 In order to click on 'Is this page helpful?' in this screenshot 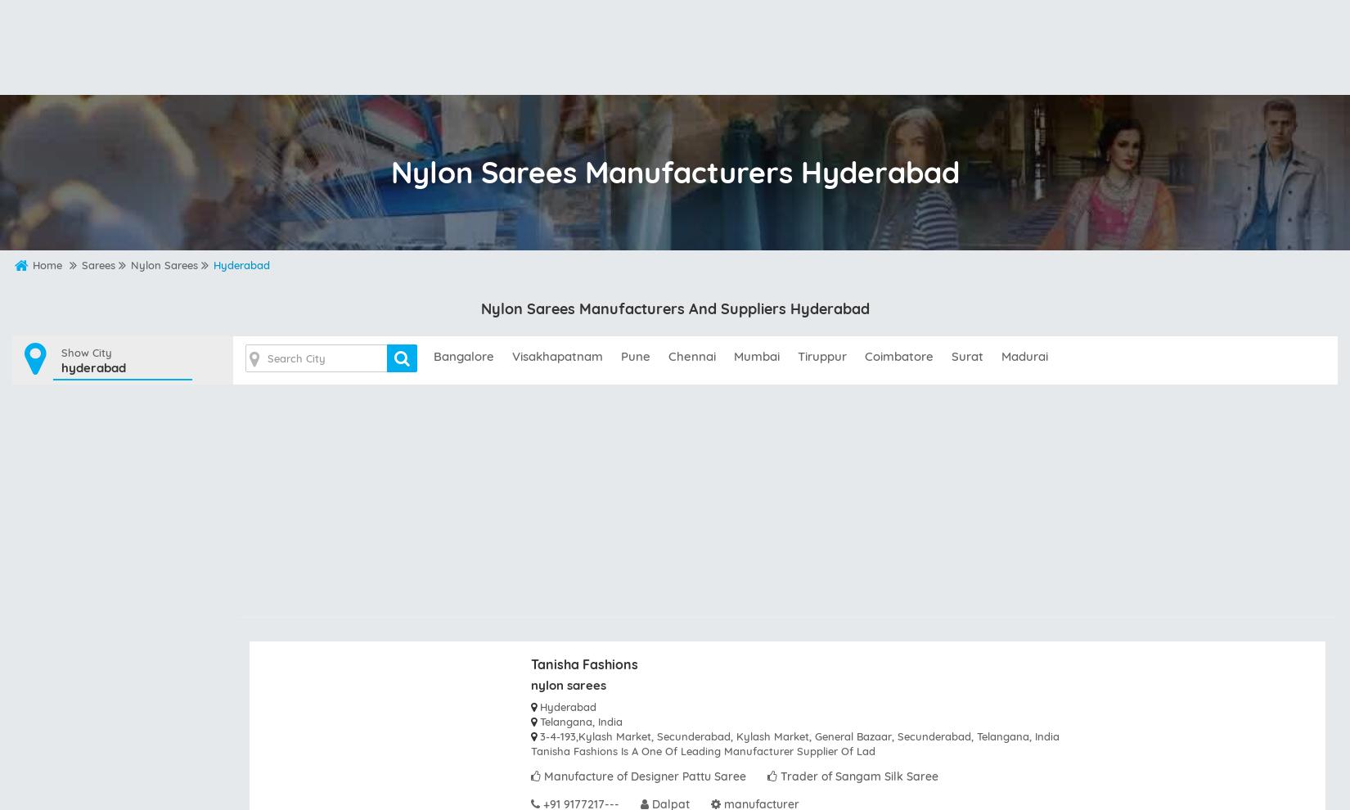, I will do `click(744, 648)`.